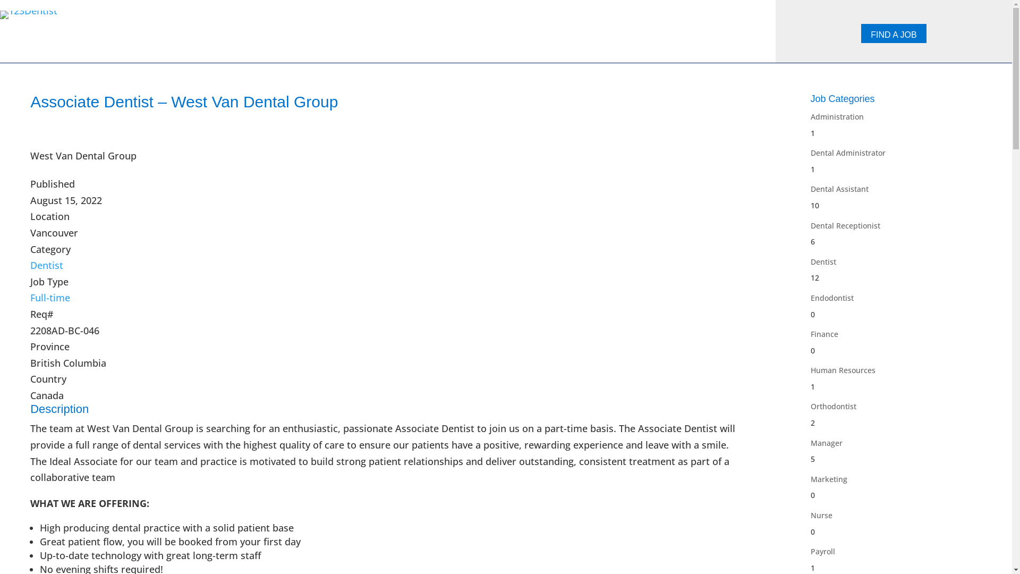  What do you see at coordinates (823, 333) in the screenshot?
I see `'Finance'` at bounding box center [823, 333].